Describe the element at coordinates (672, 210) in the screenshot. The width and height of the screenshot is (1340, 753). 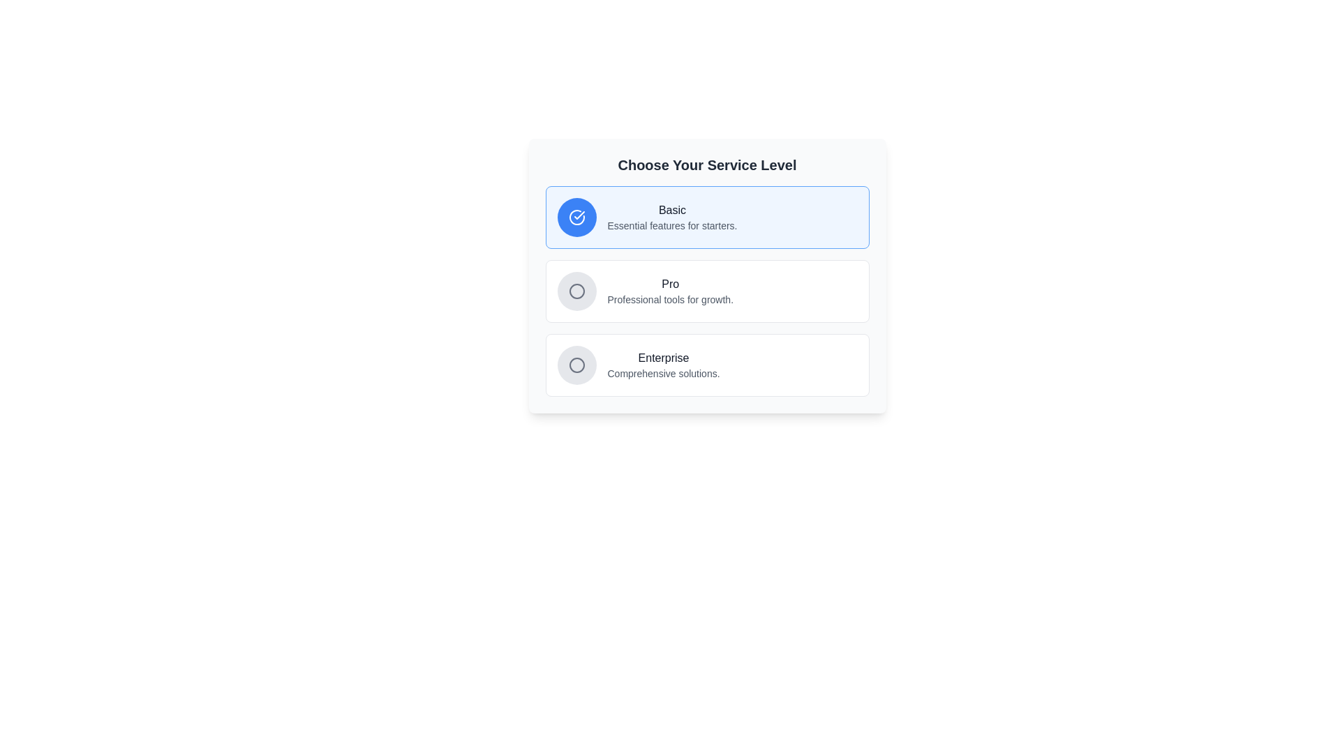
I see `the text label displaying 'Basic', which is styled in bold, medium font size and dark gray color, located at the top of the first service level option card` at that location.